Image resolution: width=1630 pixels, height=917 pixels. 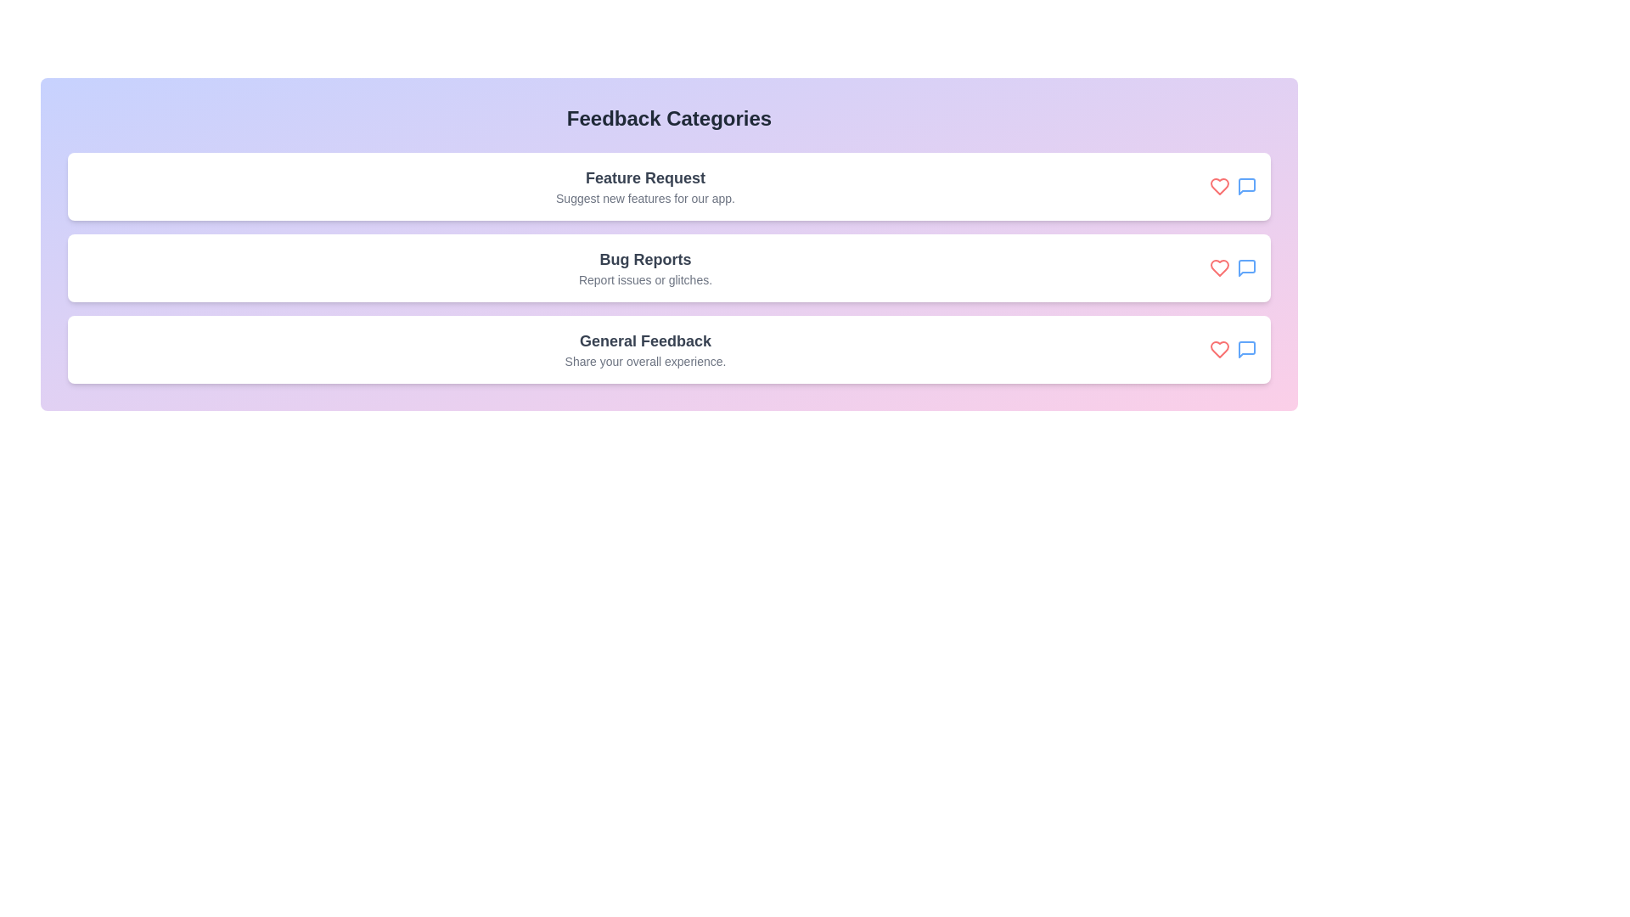 What do you see at coordinates (1218, 349) in the screenshot?
I see `the heart icon in the General Feedback feedback item` at bounding box center [1218, 349].